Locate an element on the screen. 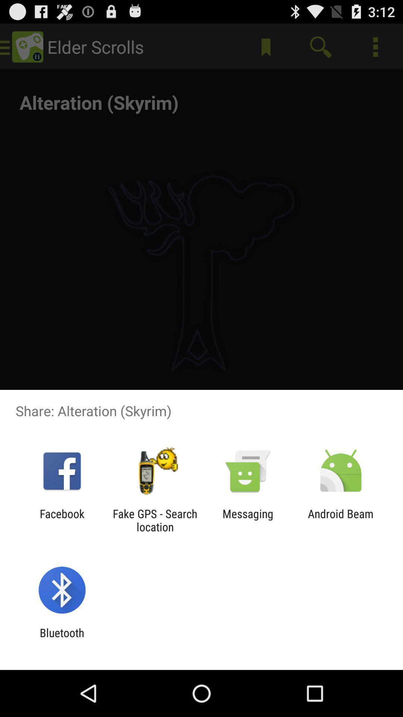 The image size is (403, 717). app to the left of android beam icon is located at coordinates (248, 520).